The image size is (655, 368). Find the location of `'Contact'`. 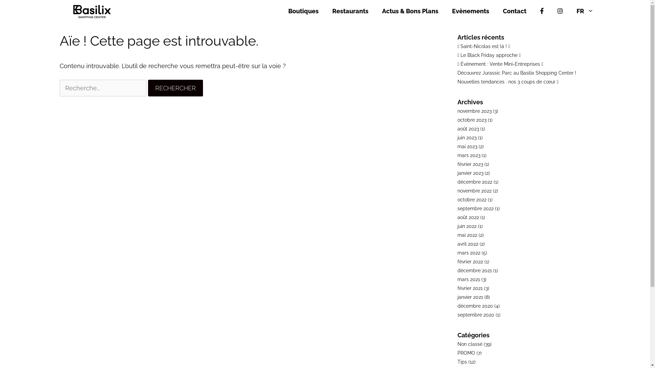

'Contact' is located at coordinates (496, 11).